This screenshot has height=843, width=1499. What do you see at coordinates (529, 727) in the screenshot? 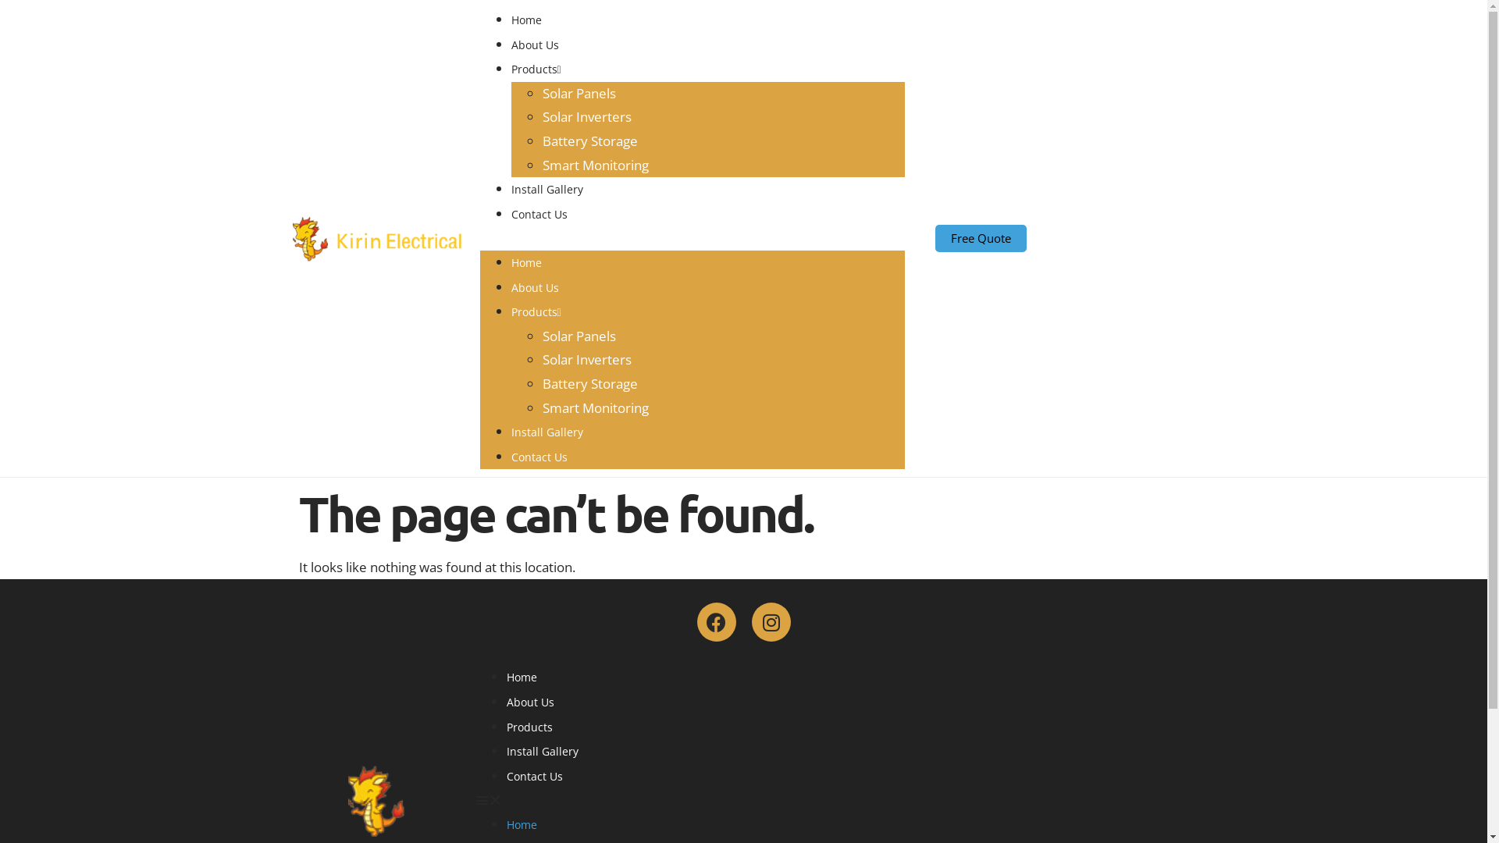
I see `'Products'` at bounding box center [529, 727].